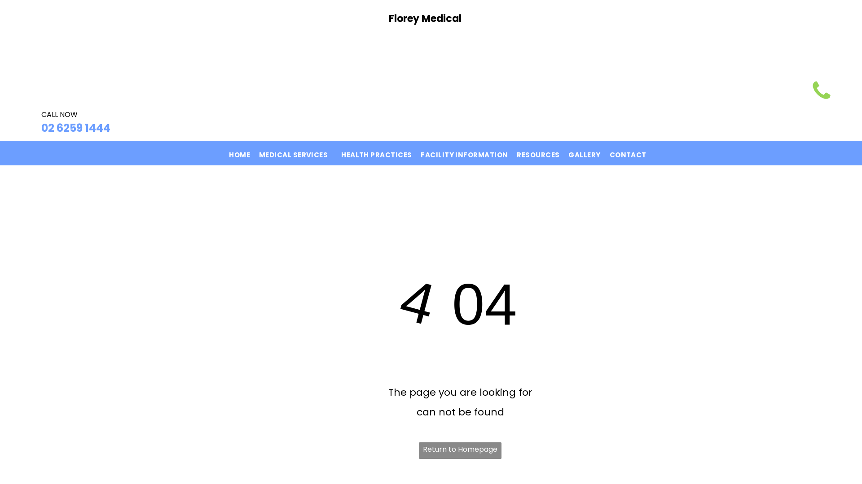 This screenshot has width=862, height=484. I want to click on 'HEALTH PRACTICES', so click(376, 152).